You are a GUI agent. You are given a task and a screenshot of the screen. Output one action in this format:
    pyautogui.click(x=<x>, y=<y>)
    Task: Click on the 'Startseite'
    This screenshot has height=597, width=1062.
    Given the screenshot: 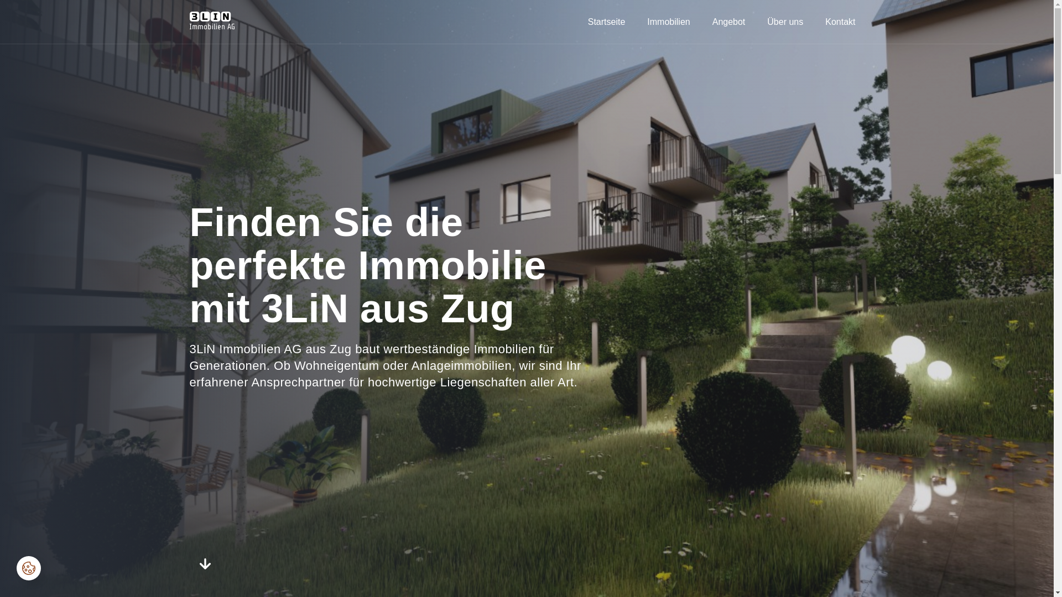 What is the action you would take?
    pyautogui.click(x=578, y=21)
    